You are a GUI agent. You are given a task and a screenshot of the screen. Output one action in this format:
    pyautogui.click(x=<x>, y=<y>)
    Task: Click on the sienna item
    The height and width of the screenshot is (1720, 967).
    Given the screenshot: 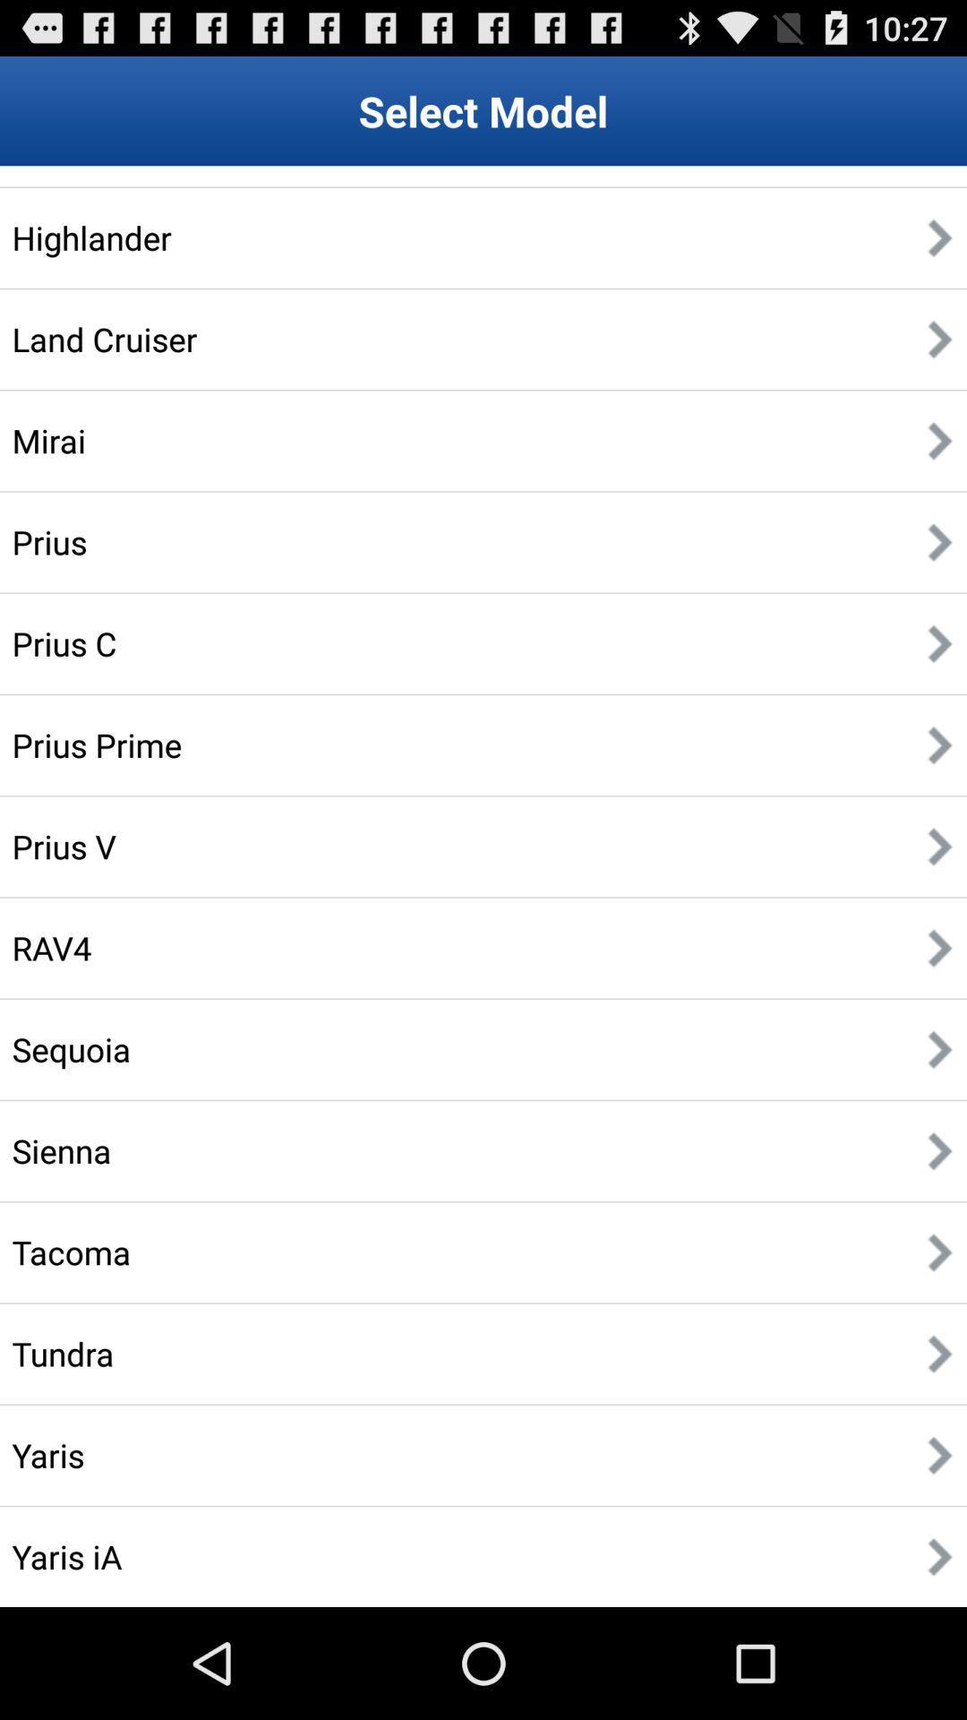 What is the action you would take?
    pyautogui.click(x=61, y=1150)
    